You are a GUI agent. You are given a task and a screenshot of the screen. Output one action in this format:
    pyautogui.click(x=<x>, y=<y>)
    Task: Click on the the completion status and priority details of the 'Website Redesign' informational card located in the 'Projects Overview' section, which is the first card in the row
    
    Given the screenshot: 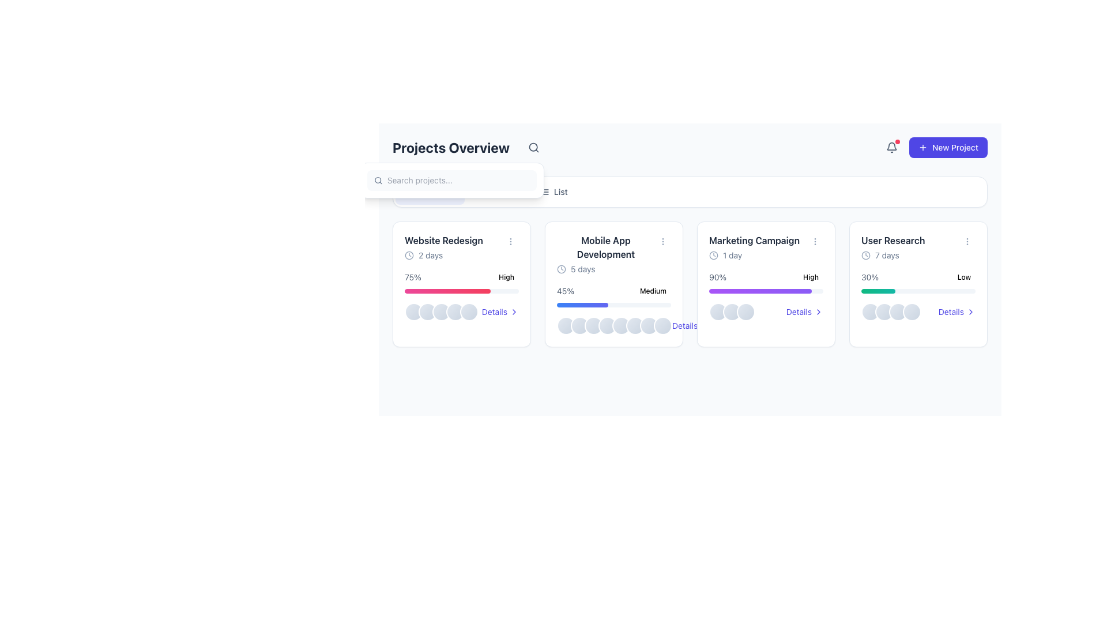 What is the action you would take?
    pyautogui.click(x=462, y=277)
    